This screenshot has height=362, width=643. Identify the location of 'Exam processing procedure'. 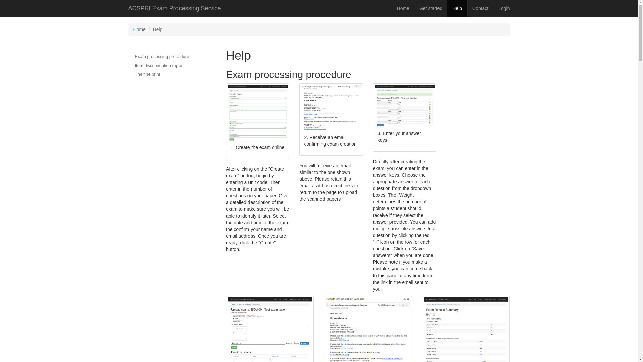
(128, 56).